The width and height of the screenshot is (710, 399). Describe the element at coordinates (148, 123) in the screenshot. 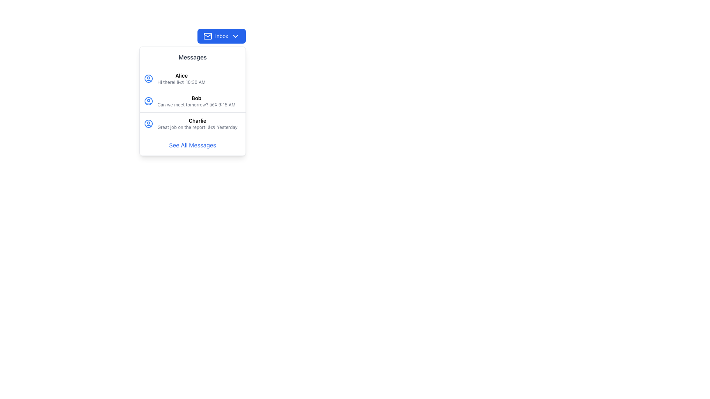

I see `the blue circular user profile icon located to the left of the message 'Charlie Great job on the report! • Yesterday' in the message list` at that location.